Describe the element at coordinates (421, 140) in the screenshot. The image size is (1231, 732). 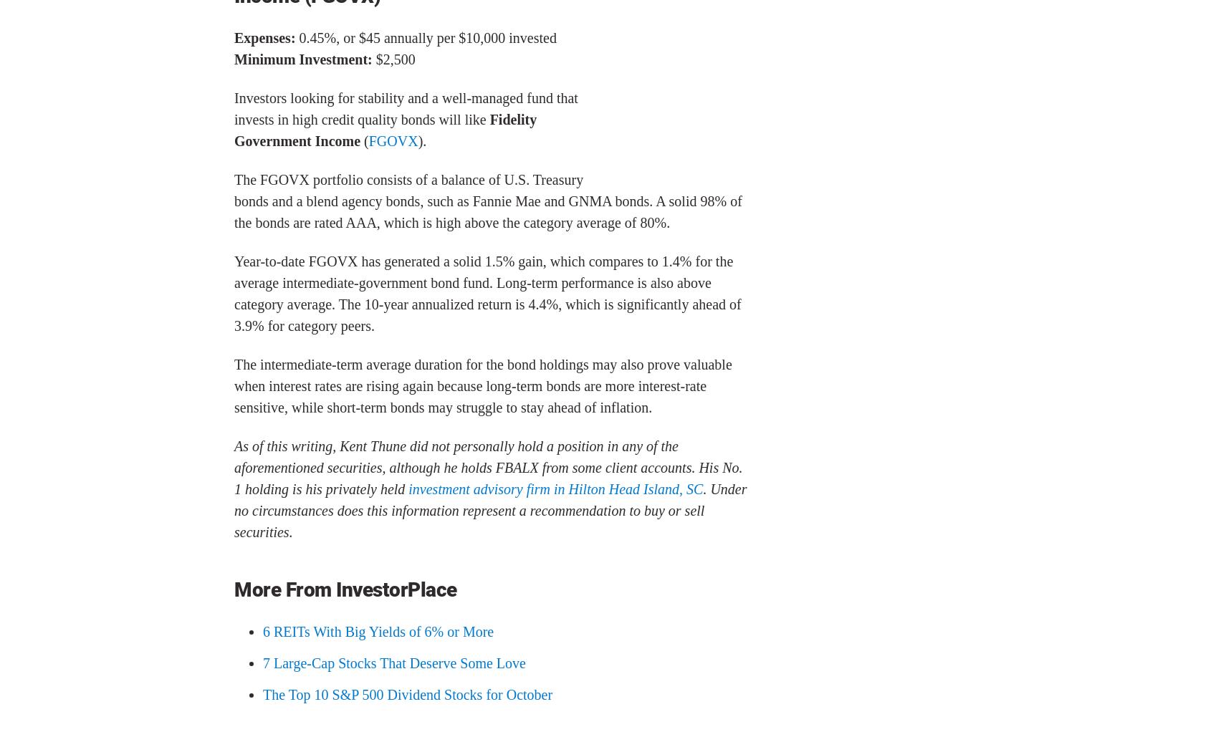
I see `').'` at that location.